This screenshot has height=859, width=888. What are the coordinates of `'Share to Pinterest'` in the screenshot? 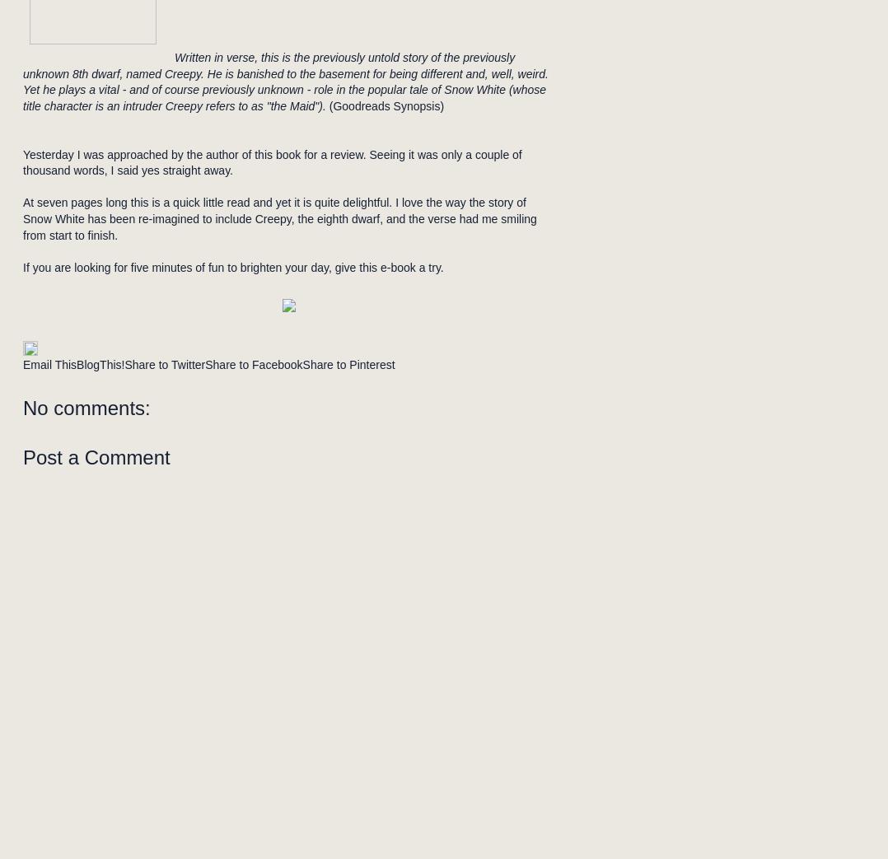 It's located at (348, 364).